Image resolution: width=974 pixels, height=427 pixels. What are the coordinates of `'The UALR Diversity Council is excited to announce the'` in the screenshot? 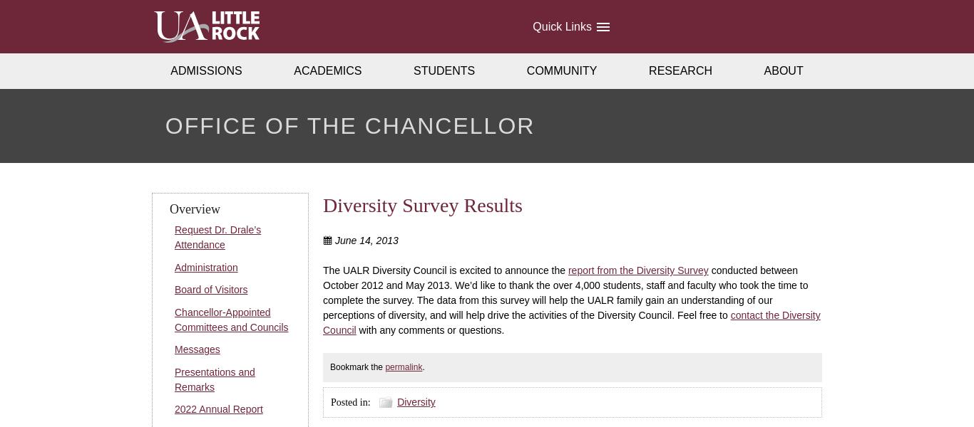 It's located at (444, 270).